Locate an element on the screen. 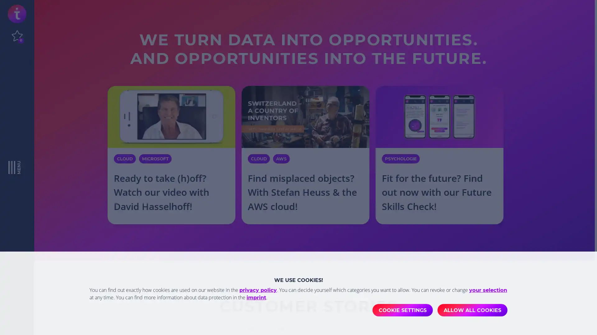 The height and width of the screenshot is (335, 597). COOKIE SETTINGS is located at coordinates (403, 310).